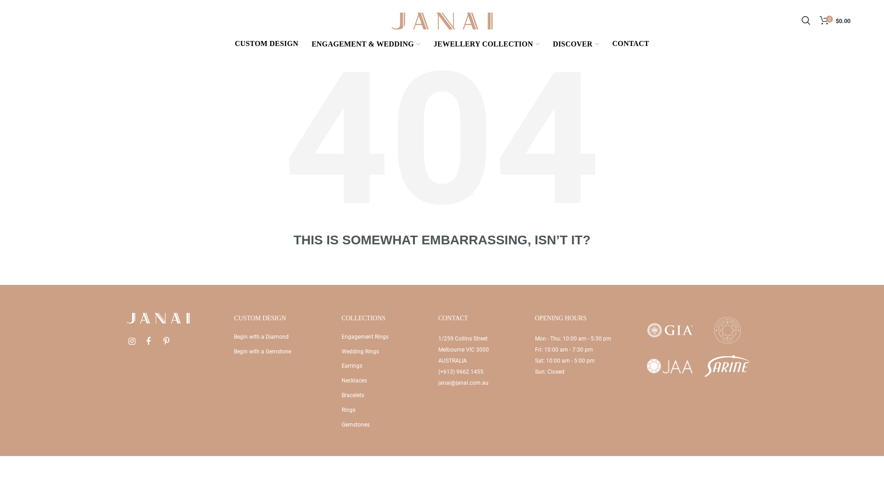 The image size is (884, 497). I want to click on '(+613) 9662 1455', so click(461, 371).